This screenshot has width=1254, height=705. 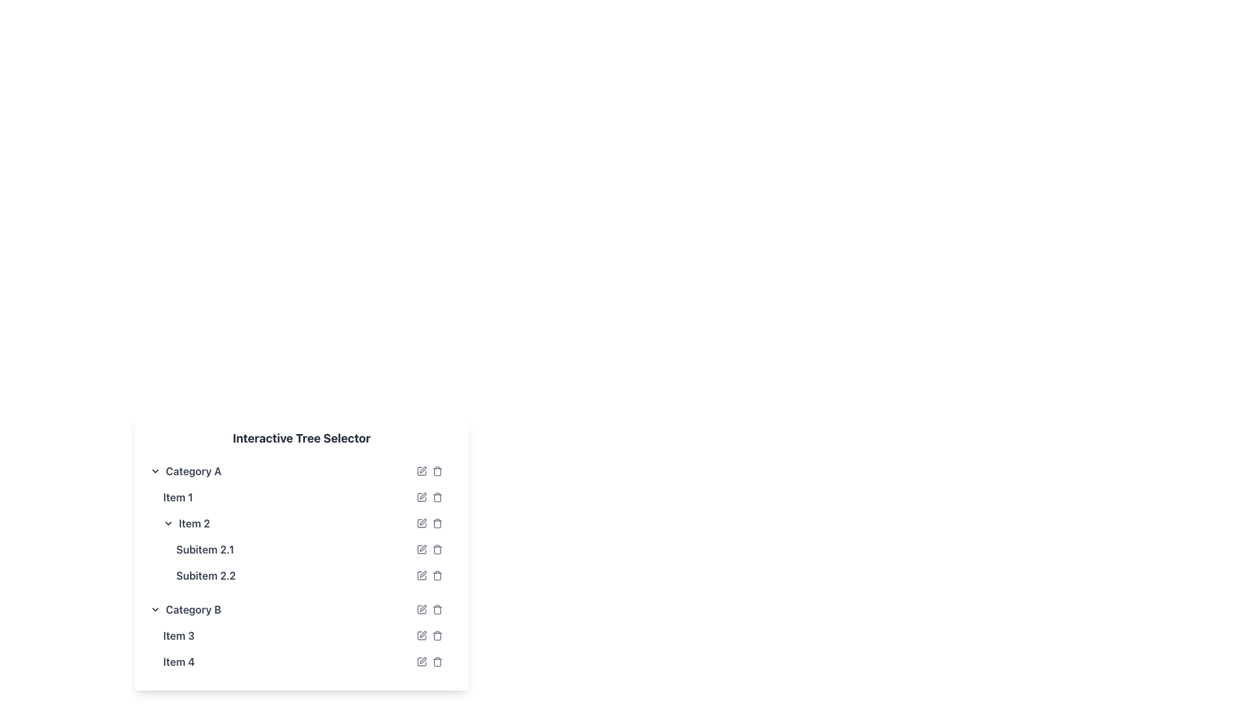 What do you see at coordinates (423, 548) in the screenshot?
I see `the pen icon button located to the right of the label 'Subitem 2.1' in the interactive tree view to initiate editing` at bounding box center [423, 548].